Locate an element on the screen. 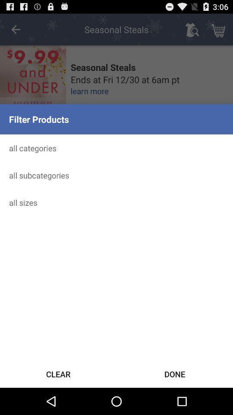 Image resolution: width=233 pixels, height=415 pixels. icon next to the done icon is located at coordinates (58, 373).